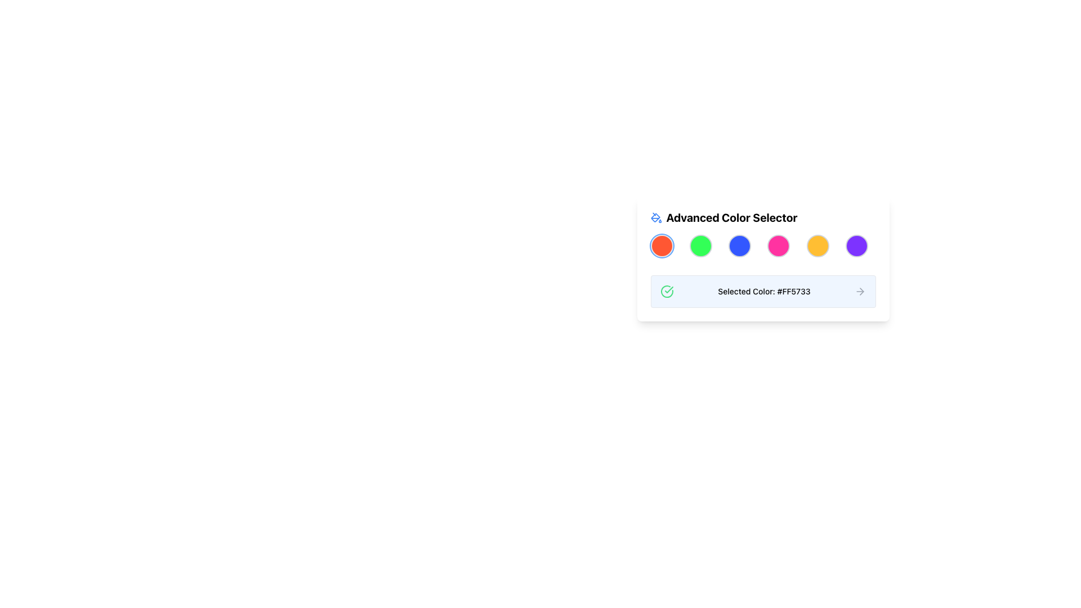  Describe the element at coordinates (763, 217) in the screenshot. I see `text 'Advanced Color Selector' from the Text header with a blue paint bucket icon, which is positioned above the row of color circles` at that location.